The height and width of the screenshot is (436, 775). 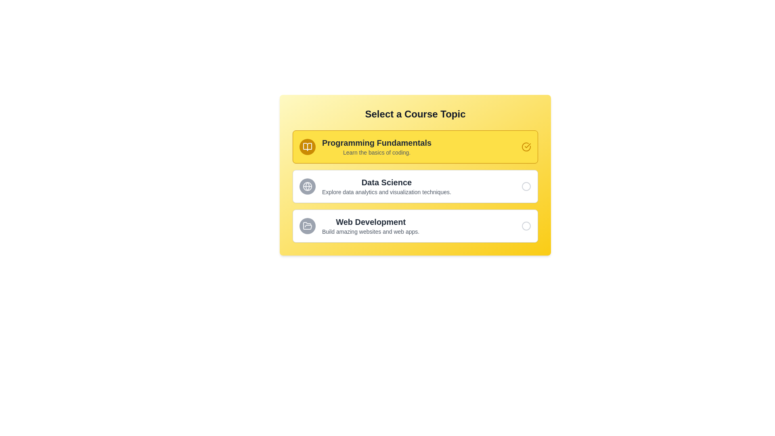 What do you see at coordinates (376, 143) in the screenshot?
I see `the 'Programming Fundamentals' text label, which is displayed in a large, bold font on a yellow background, located at the top of the first course option in the list` at bounding box center [376, 143].